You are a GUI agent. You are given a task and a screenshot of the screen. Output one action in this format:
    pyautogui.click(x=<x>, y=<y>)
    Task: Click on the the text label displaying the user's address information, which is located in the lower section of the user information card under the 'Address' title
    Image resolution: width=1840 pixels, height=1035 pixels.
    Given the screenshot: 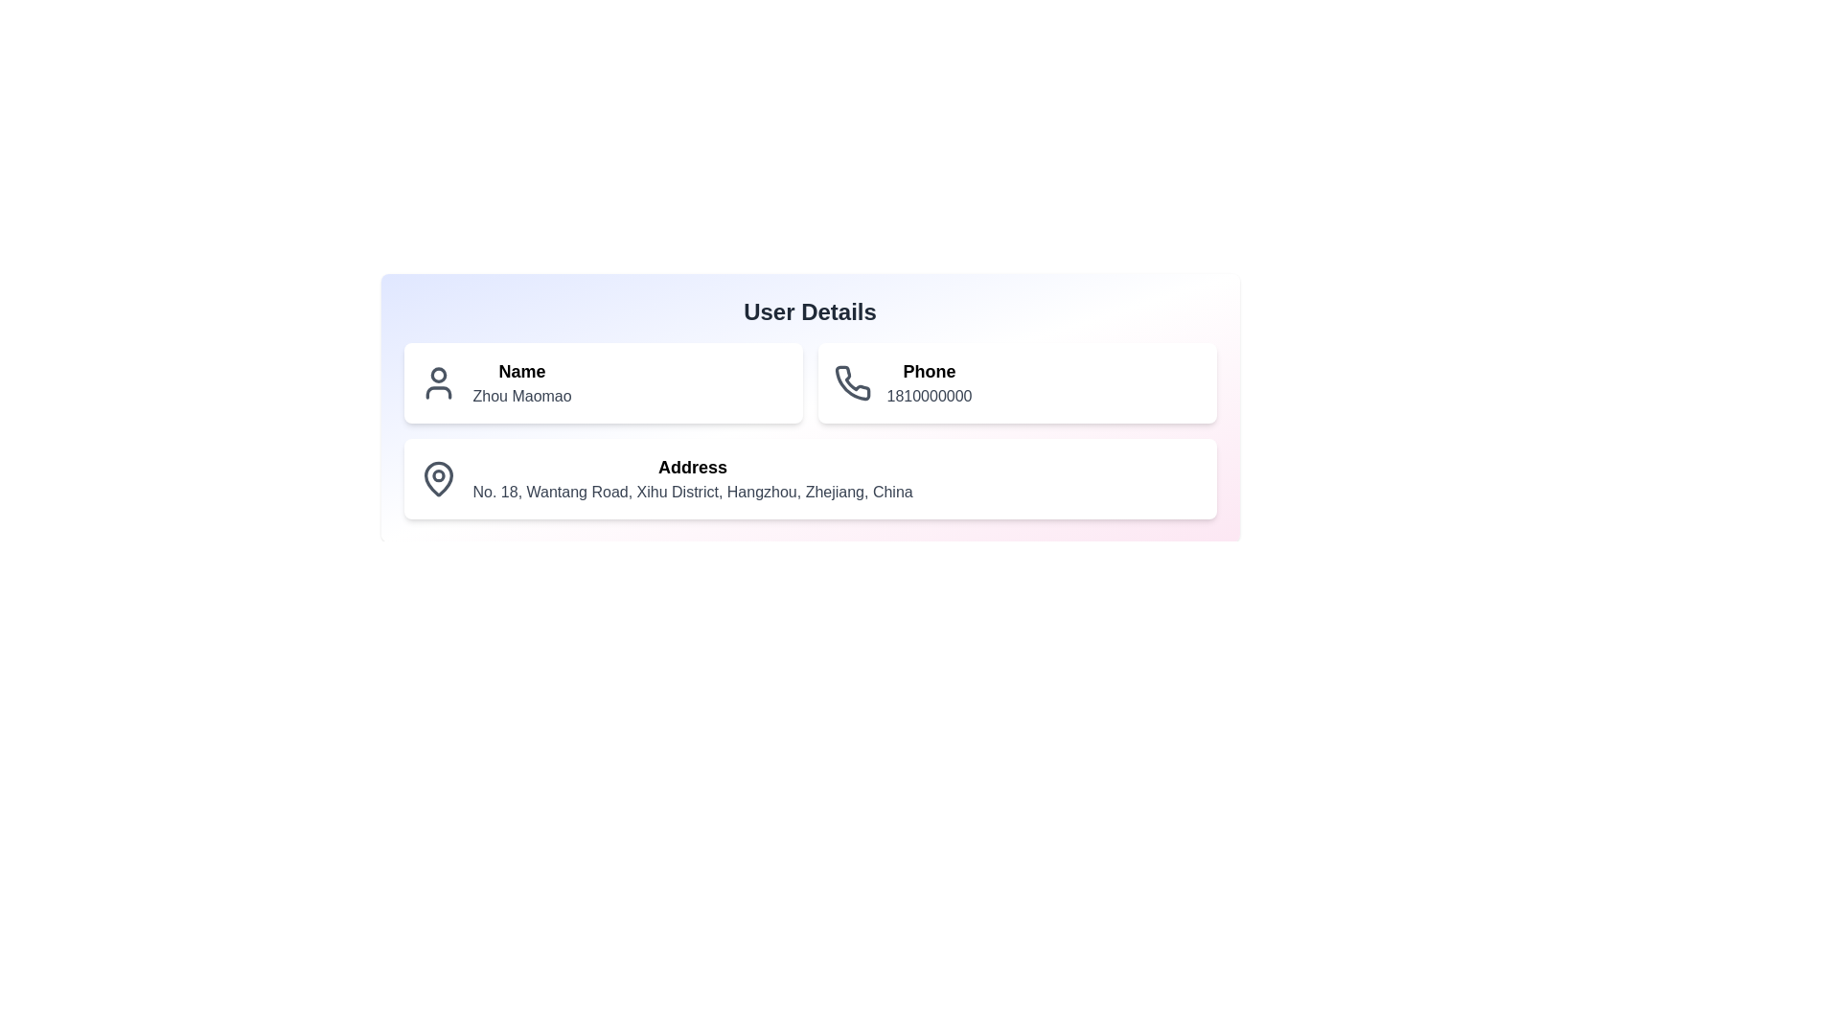 What is the action you would take?
    pyautogui.click(x=692, y=491)
    